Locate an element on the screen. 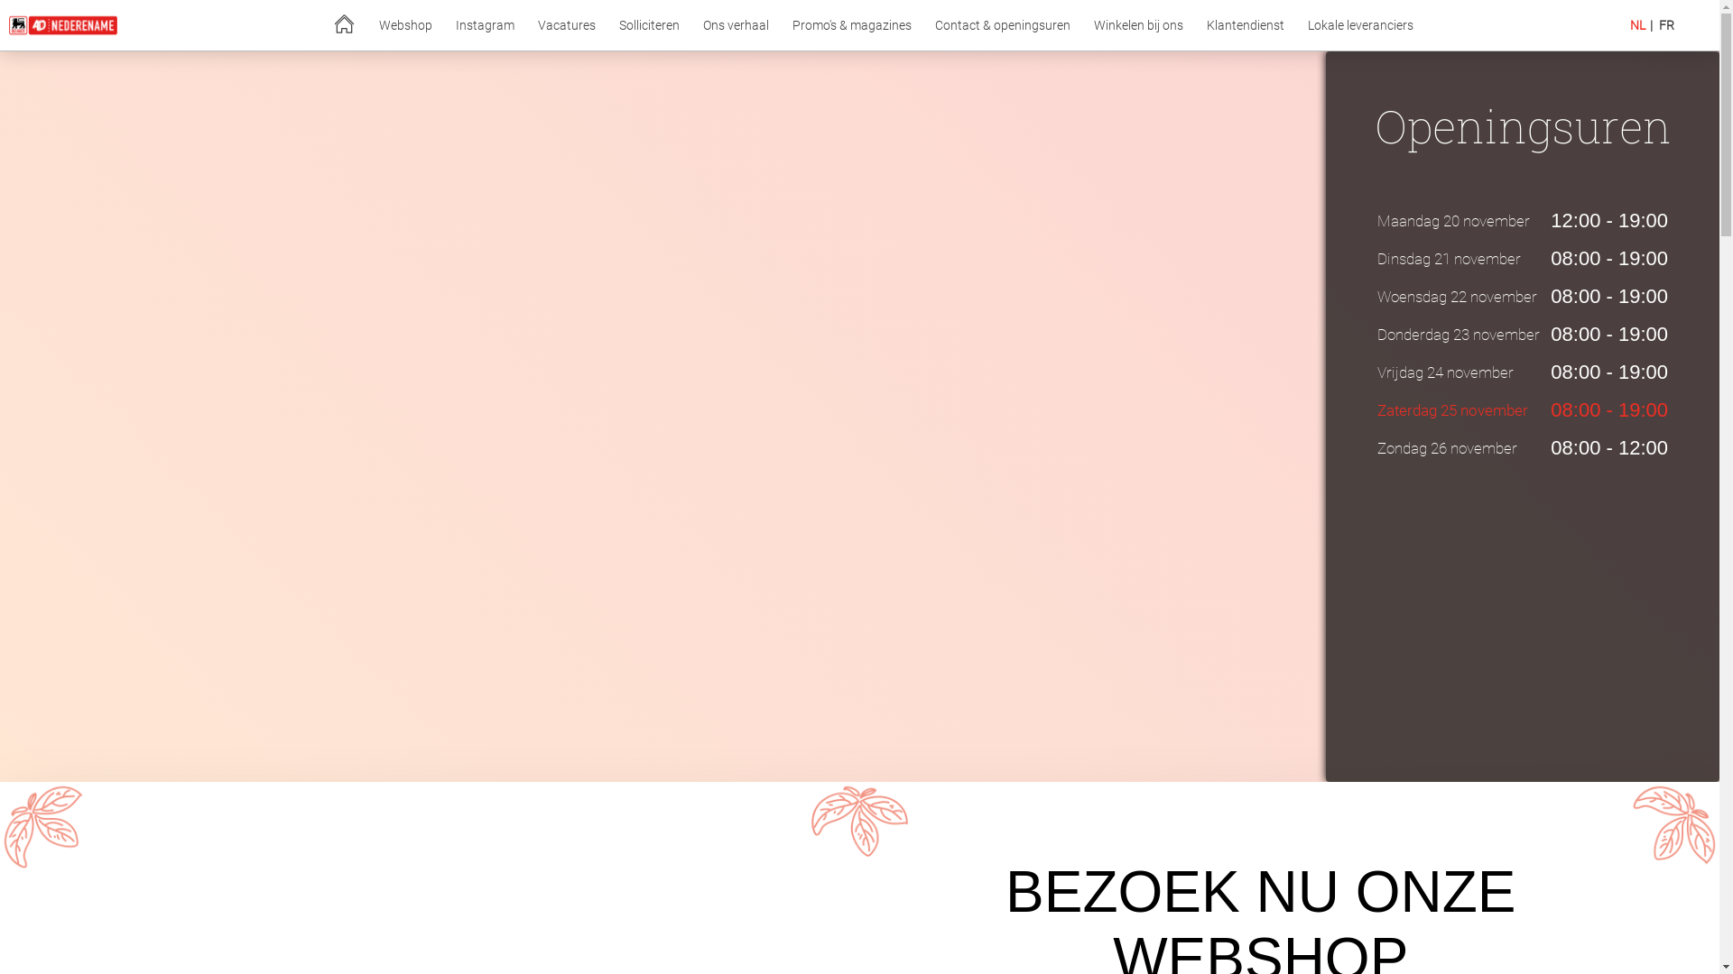  'Solliciteren' is located at coordinates (649, 24).